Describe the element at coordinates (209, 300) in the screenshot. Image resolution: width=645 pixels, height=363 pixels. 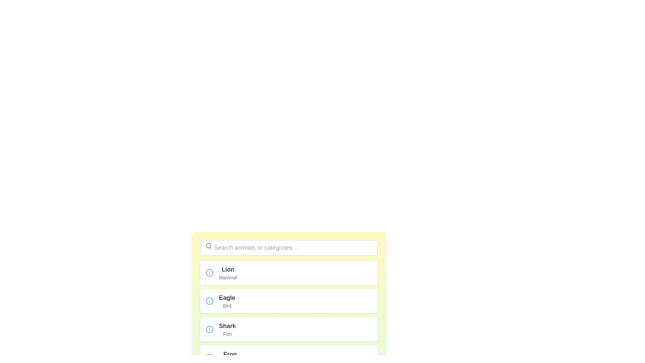
I see `the circular icon with a thin blue border and a white fill, which represents the 'Eagle' entry in the list` at that location.